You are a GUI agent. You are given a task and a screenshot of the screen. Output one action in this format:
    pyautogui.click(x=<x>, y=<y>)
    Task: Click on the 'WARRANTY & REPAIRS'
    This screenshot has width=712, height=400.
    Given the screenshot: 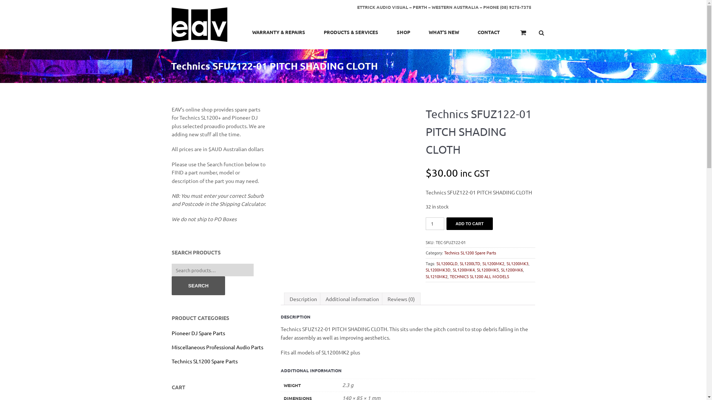 What is the action you would take?
    pyautogui.click(x=278, y=31)
    